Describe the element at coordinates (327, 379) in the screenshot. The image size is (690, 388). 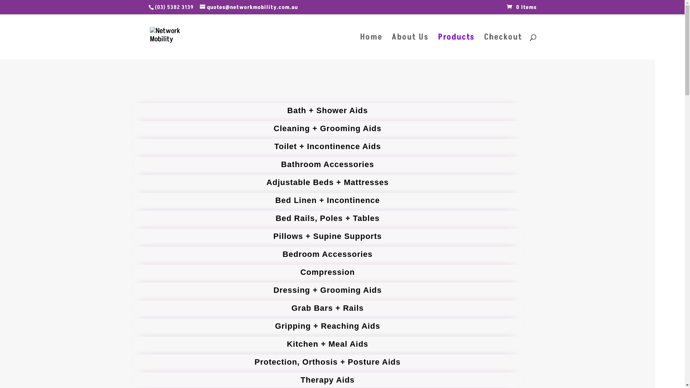
I see `'Therapy Aids'` at that location.